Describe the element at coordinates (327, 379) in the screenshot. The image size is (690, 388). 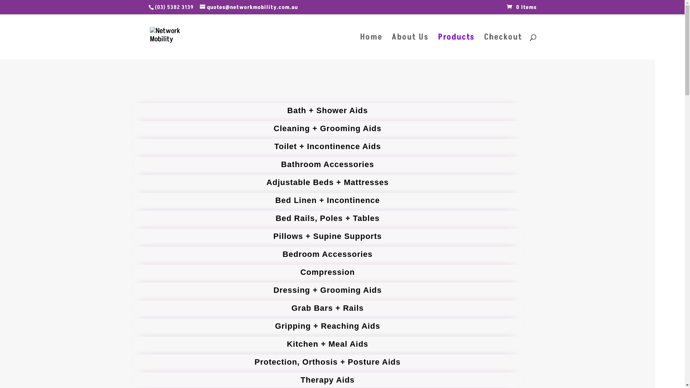
I see `'Therapy Aids'` at that location.